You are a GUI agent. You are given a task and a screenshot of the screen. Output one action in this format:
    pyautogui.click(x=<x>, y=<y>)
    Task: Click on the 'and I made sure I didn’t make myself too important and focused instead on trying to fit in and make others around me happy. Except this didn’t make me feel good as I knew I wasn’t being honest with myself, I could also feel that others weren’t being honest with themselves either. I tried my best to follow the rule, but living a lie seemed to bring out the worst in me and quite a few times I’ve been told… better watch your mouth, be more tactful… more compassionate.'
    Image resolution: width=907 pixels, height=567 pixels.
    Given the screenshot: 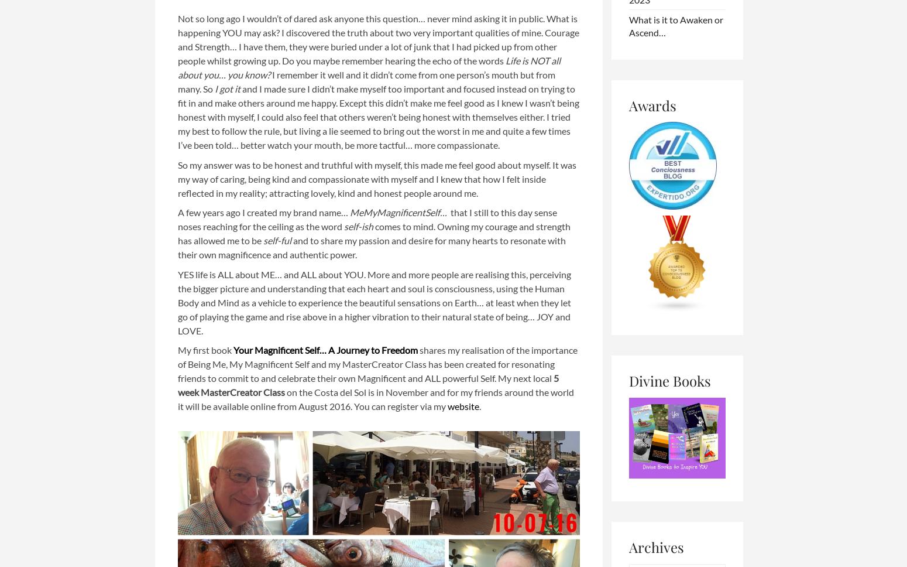 What is the action you would take?
    pyautogui.click(x=377, y=117)
    